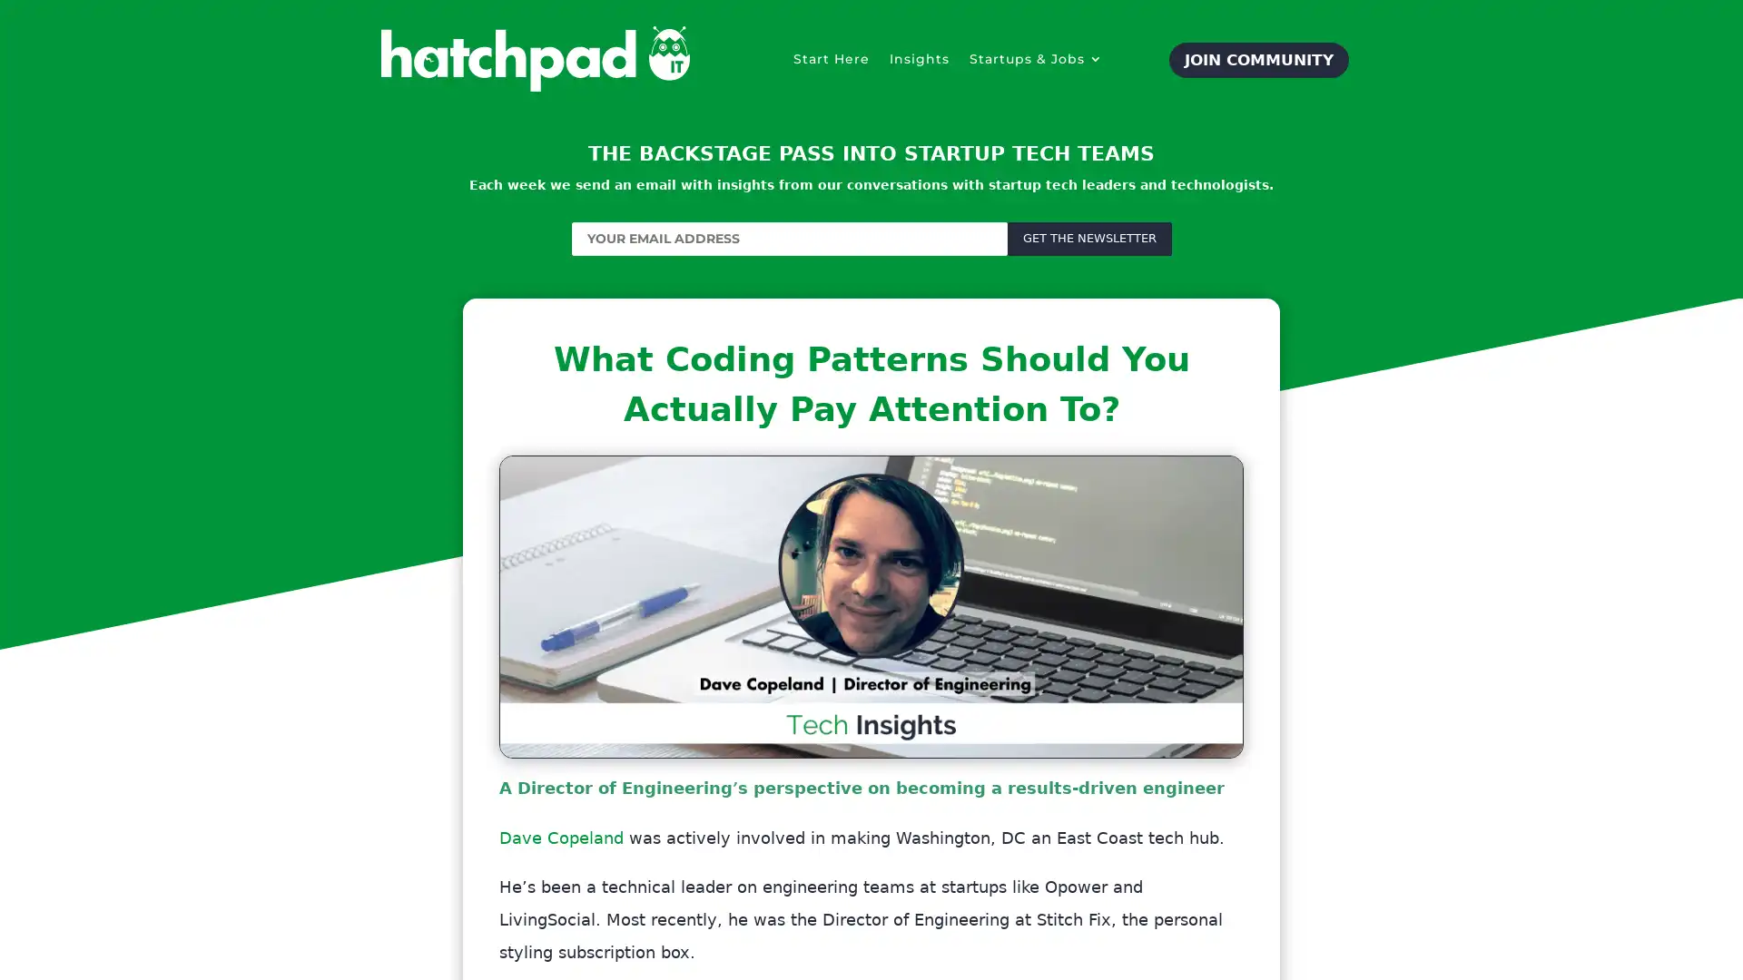 The height and width of the screenshot is (980, 1743). I want to click on GET THE NEWSLETTER, so click(1088, 237).